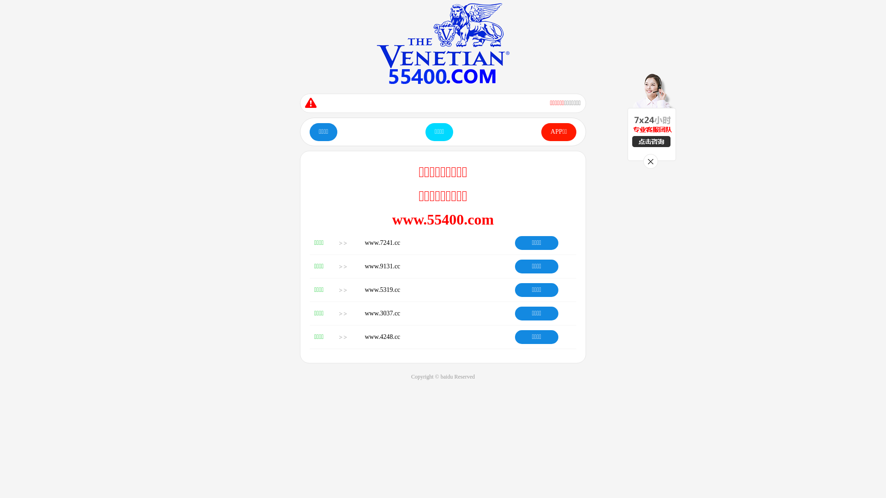  Describe the element at coordinates (382, 313) in the screenshot. I see `'www.3037.cc'` at that location.